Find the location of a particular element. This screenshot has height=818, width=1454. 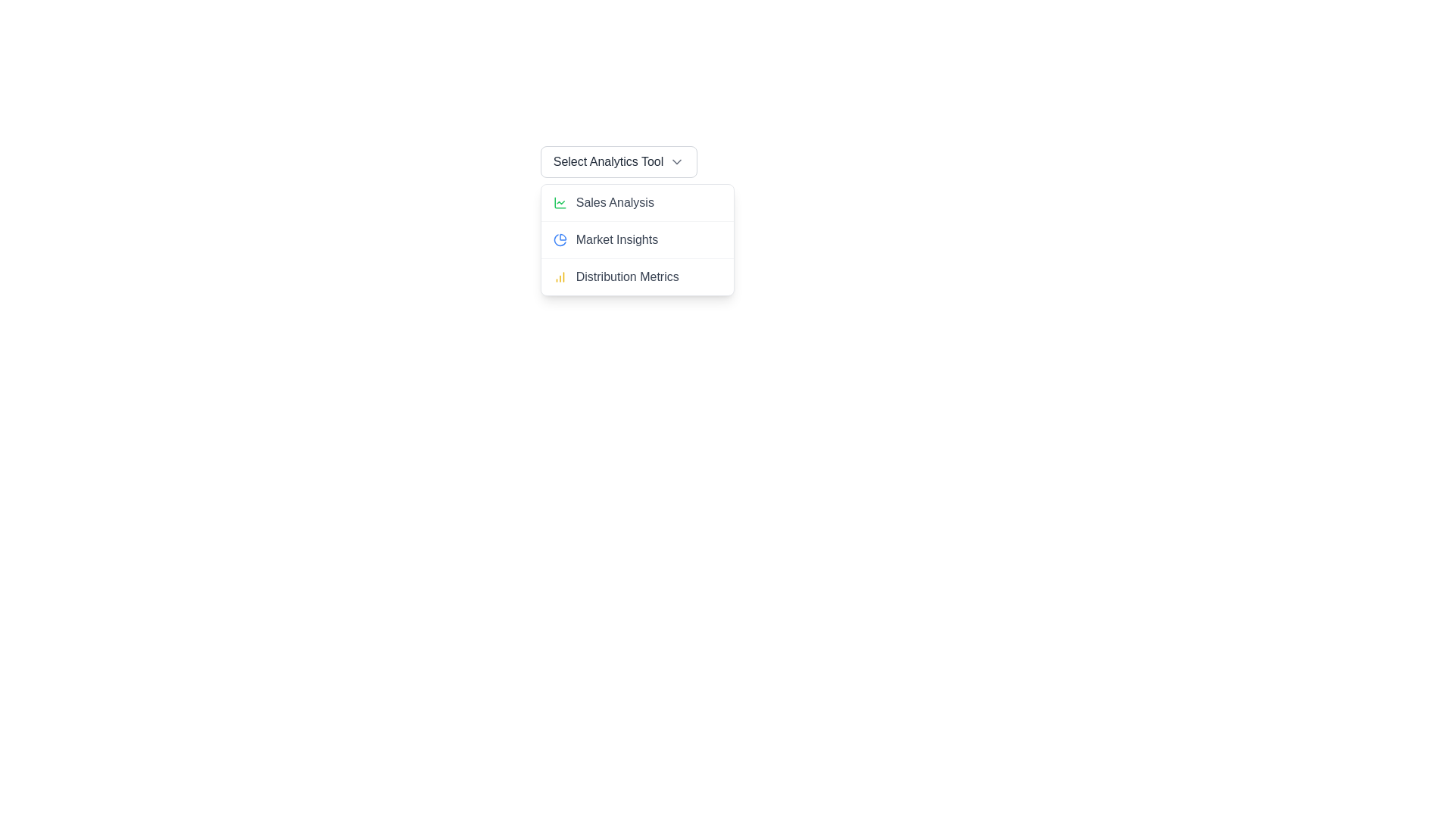

the visual representation of the 'Distribution Metrics' icon, which is a green outlined chart-like graphic within the third item of the dropdown menu titled 'Select Analytics Tool' is located at coordinates (559, 201).